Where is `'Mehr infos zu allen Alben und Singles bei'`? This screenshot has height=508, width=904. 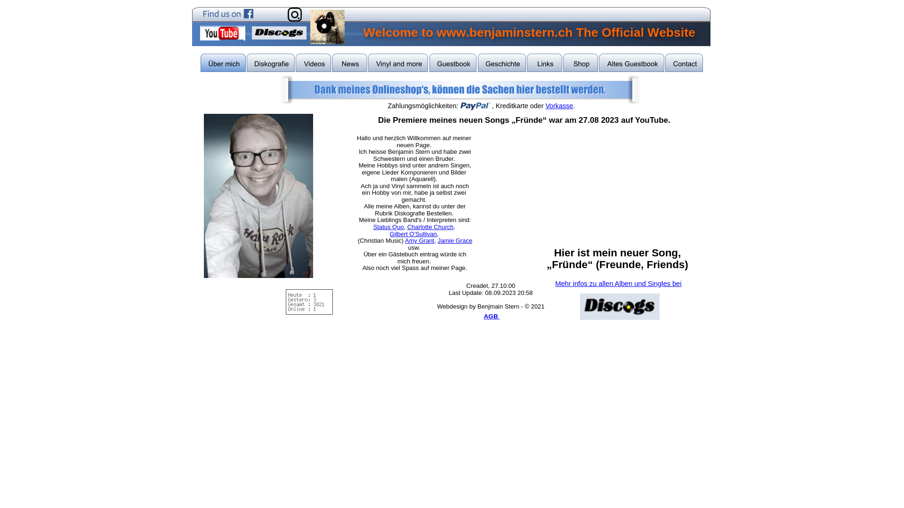 'Mehr infos zu allen Alben und Singles bei' is located at coordinates (618, 283).